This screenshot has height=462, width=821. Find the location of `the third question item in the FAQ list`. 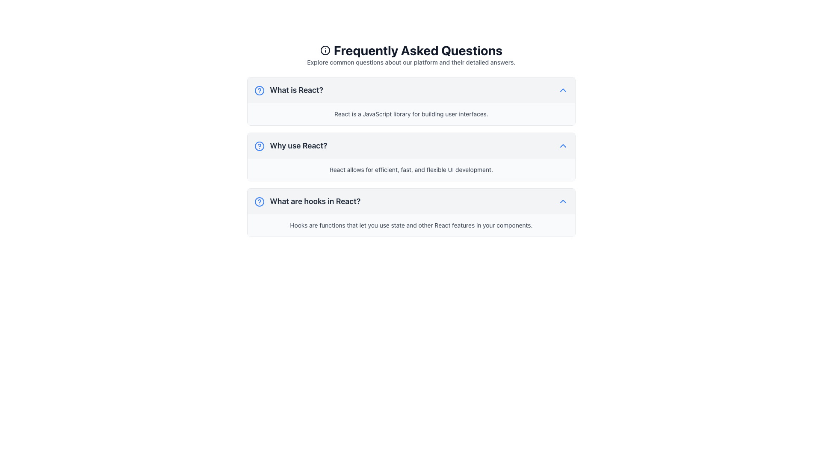

the third question item in the FAQ list is located at coordinates (411, 201).